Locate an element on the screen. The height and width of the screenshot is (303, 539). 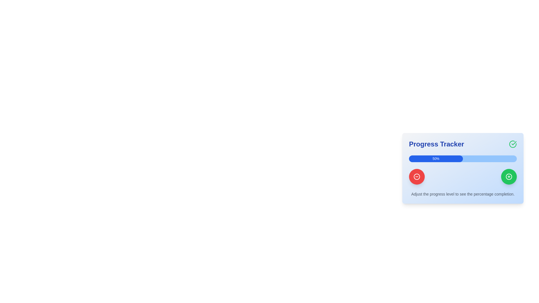
small circular arc element that is part of the checkmark design in the top-right corner of the 'Progress Tracker' card is located at coordinates (513, 144).